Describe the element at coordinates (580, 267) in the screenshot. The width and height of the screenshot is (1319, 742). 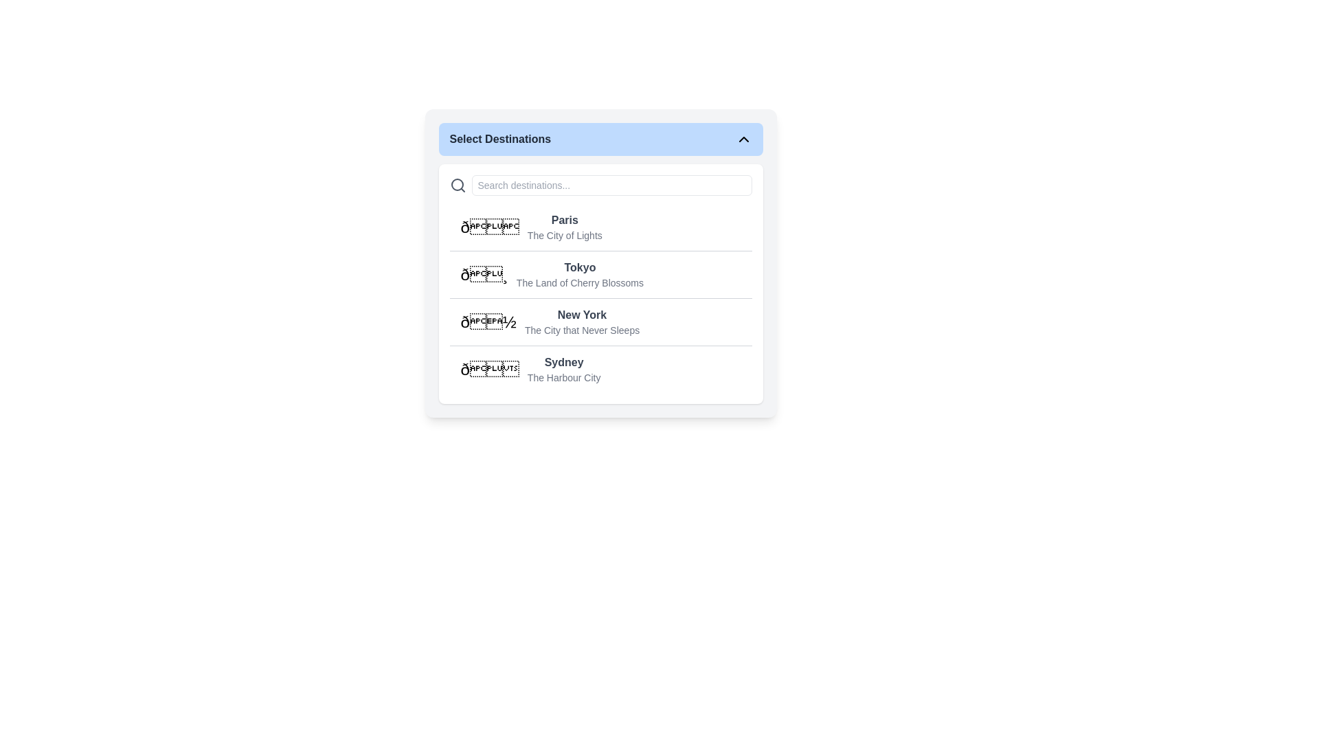
I see `the Text label for the destination 'Tokyo', which is the first text element in the dropdown box labeled 'Select Destinations'` at that location.